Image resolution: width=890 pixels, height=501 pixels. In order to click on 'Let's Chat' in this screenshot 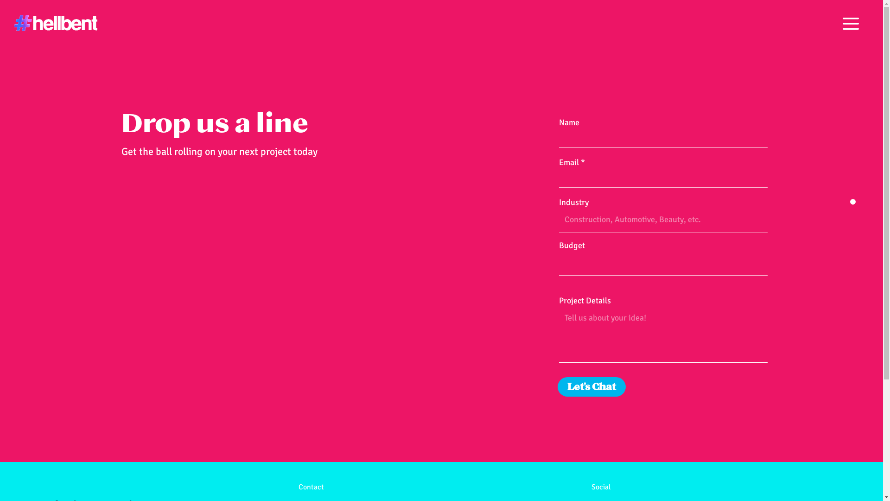, I will do `click(557, 386)`.